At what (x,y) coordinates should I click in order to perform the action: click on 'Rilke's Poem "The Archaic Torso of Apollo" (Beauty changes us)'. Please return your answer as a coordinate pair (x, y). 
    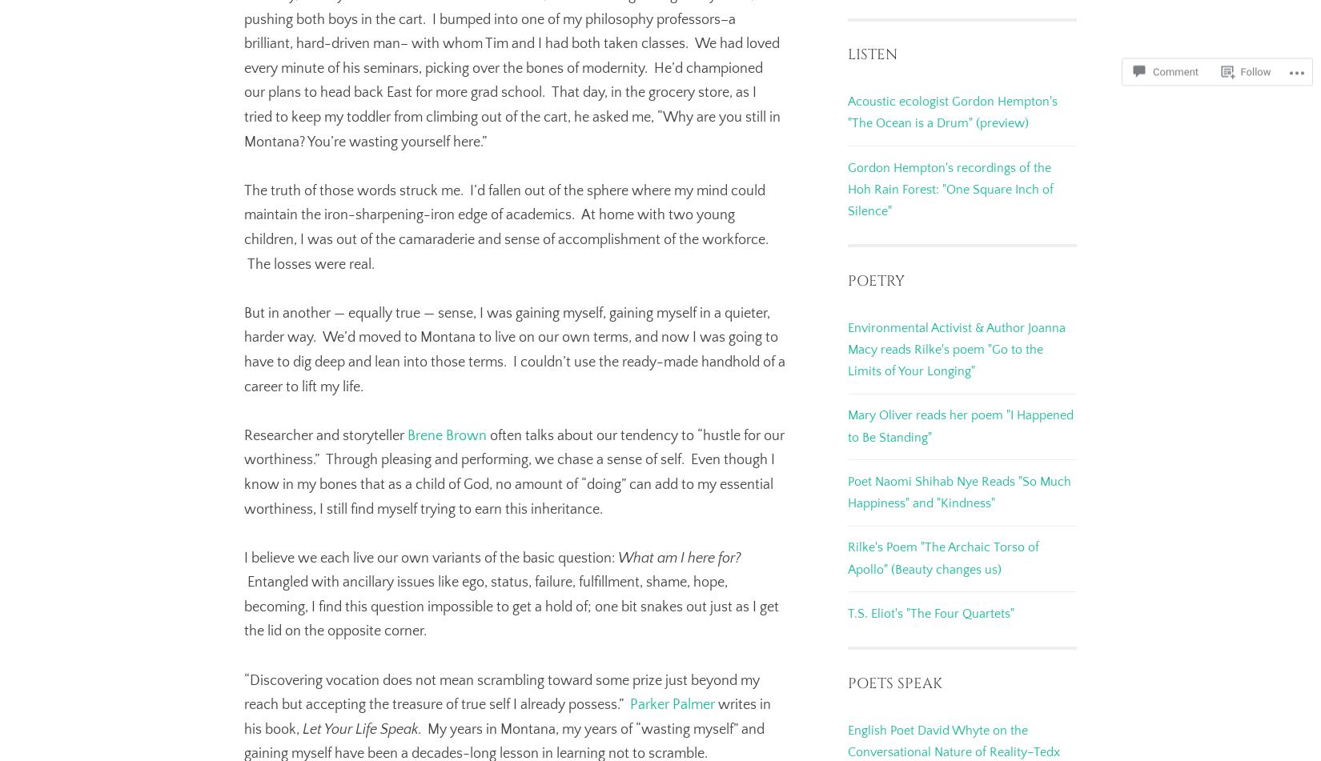
    Looking at the image, I should click on (943, 557).